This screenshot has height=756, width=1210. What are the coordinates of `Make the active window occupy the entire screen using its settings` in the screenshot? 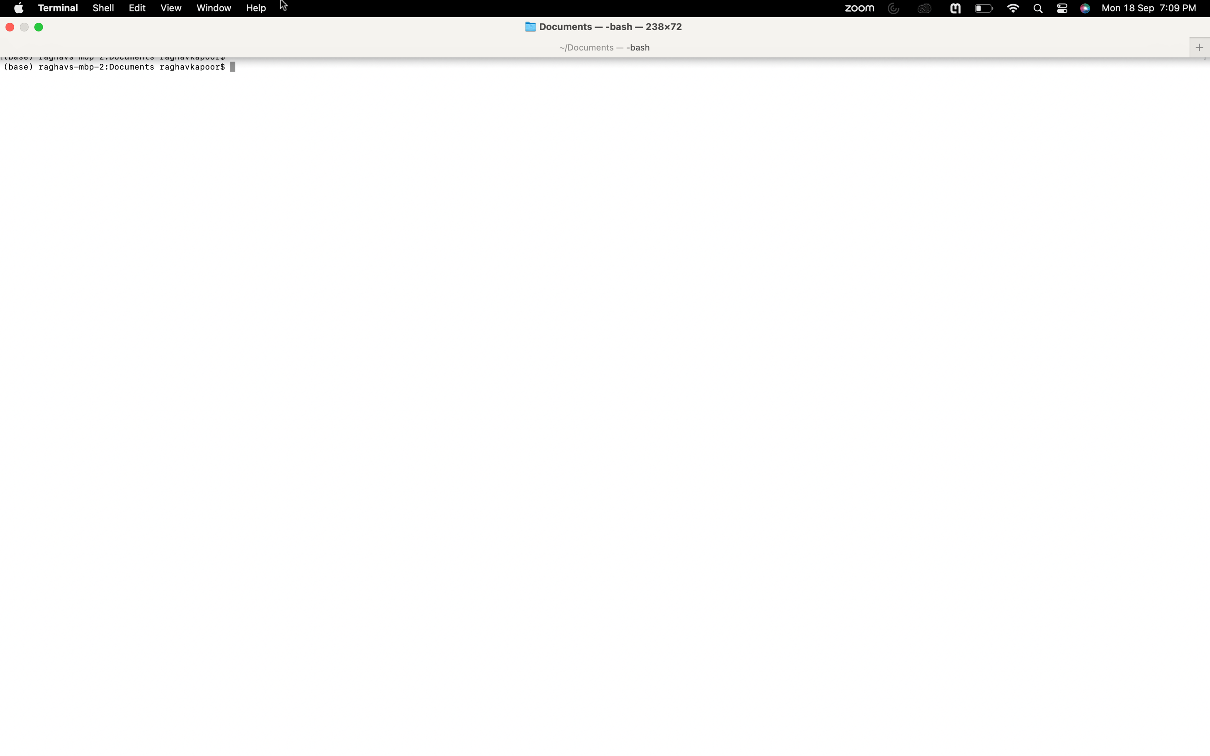 It's located at (213, 8).